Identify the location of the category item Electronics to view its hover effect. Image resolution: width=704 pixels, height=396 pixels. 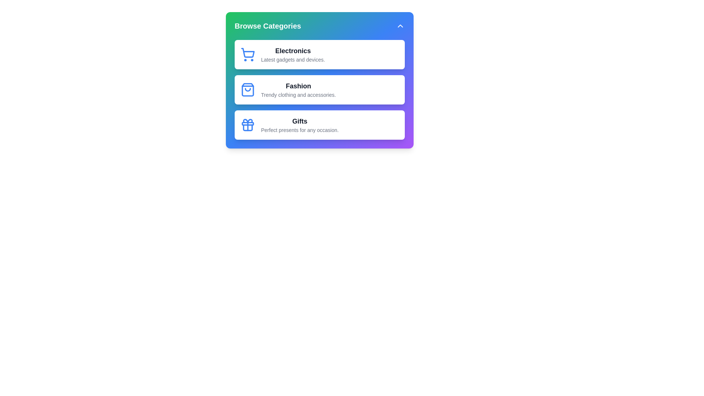
(320, 54).